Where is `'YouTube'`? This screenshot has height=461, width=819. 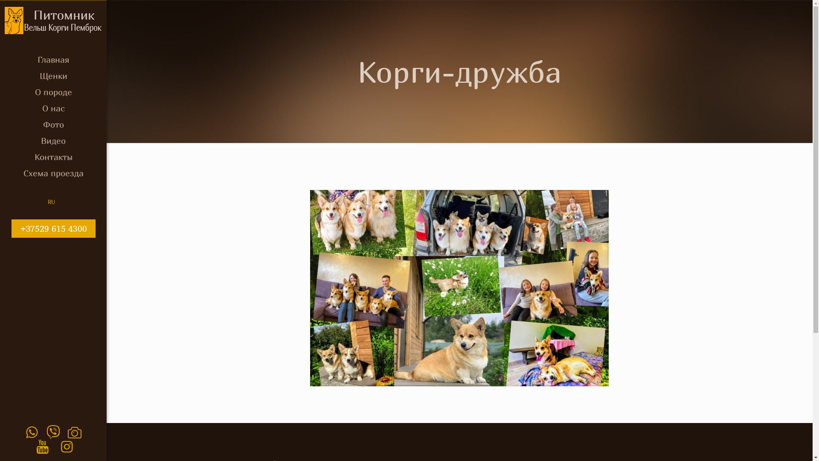
'YouTube' is located at coordinates (42, 446).